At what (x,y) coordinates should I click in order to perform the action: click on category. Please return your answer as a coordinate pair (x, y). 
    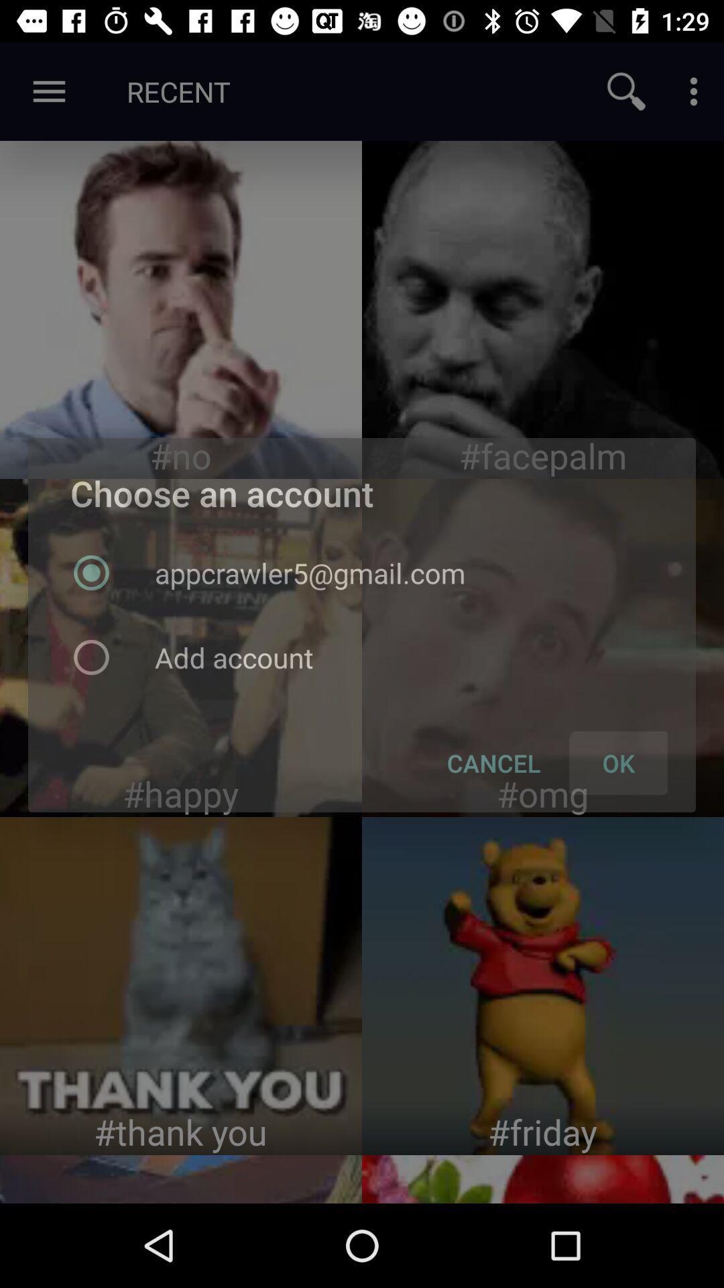
    Looking at the image, I should click on (181, 647).